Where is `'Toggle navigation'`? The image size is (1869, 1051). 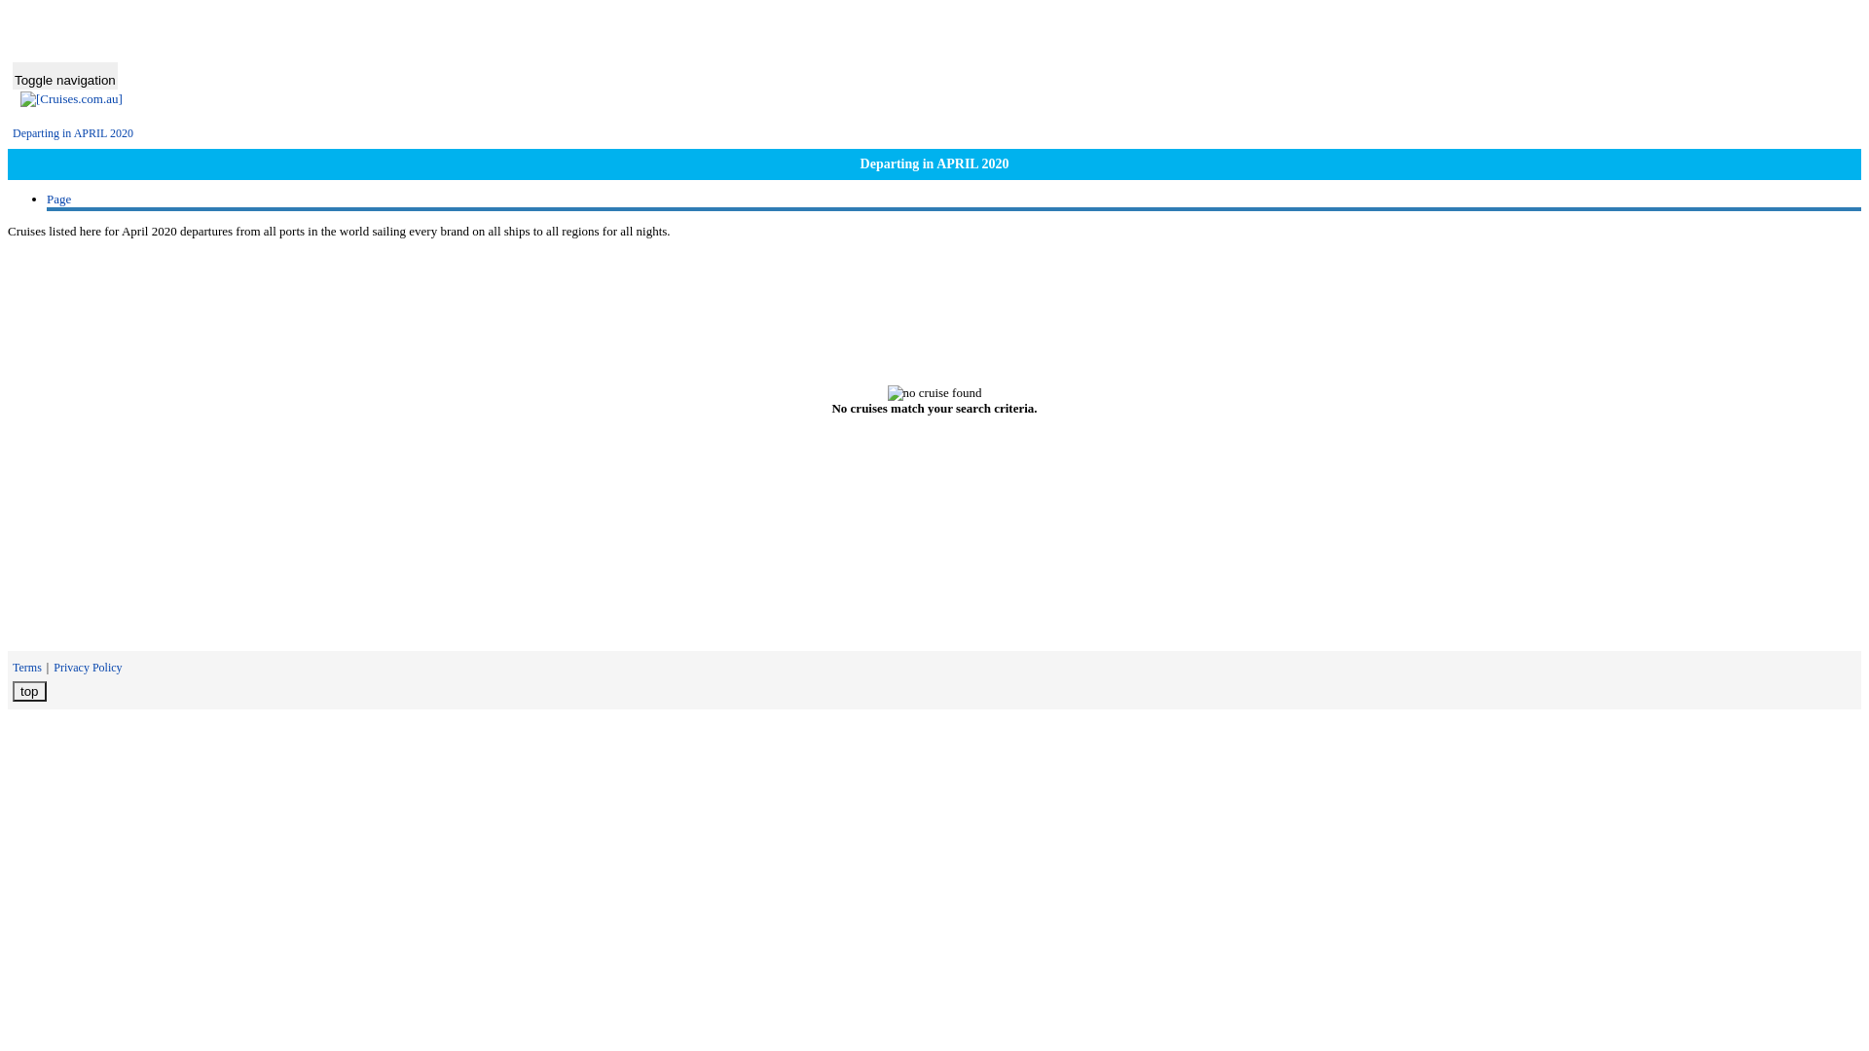 'Toggle navigation' is located at coordinates (65, 74).